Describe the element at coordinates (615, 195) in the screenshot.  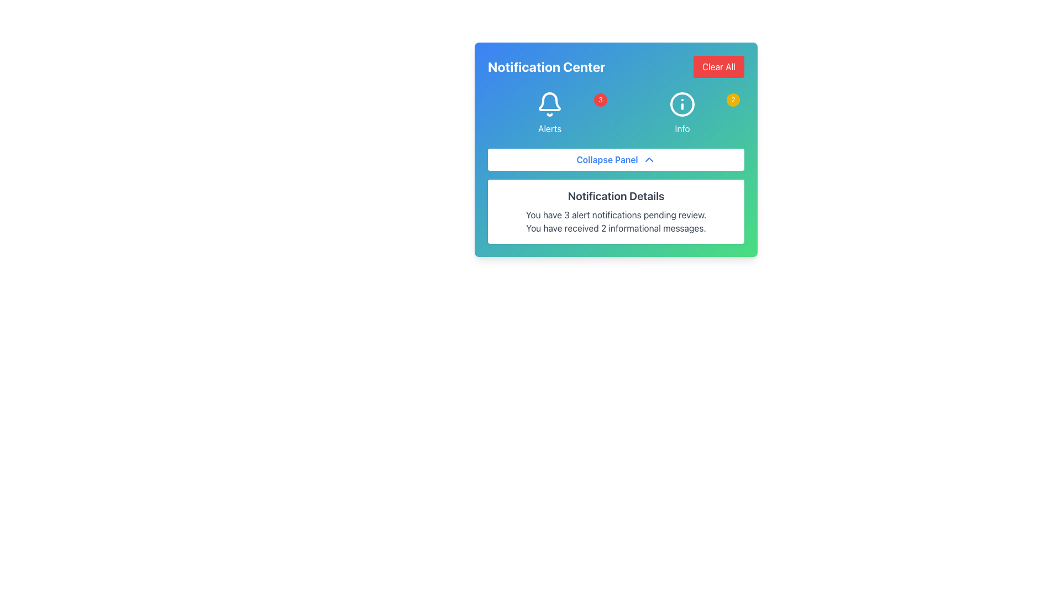
I see `the Text Heading element that serves as a descriptive heading for the notifications section, positioned centrally beneath the 'Notification Center' and 'Collapse Panel' button` at that location.